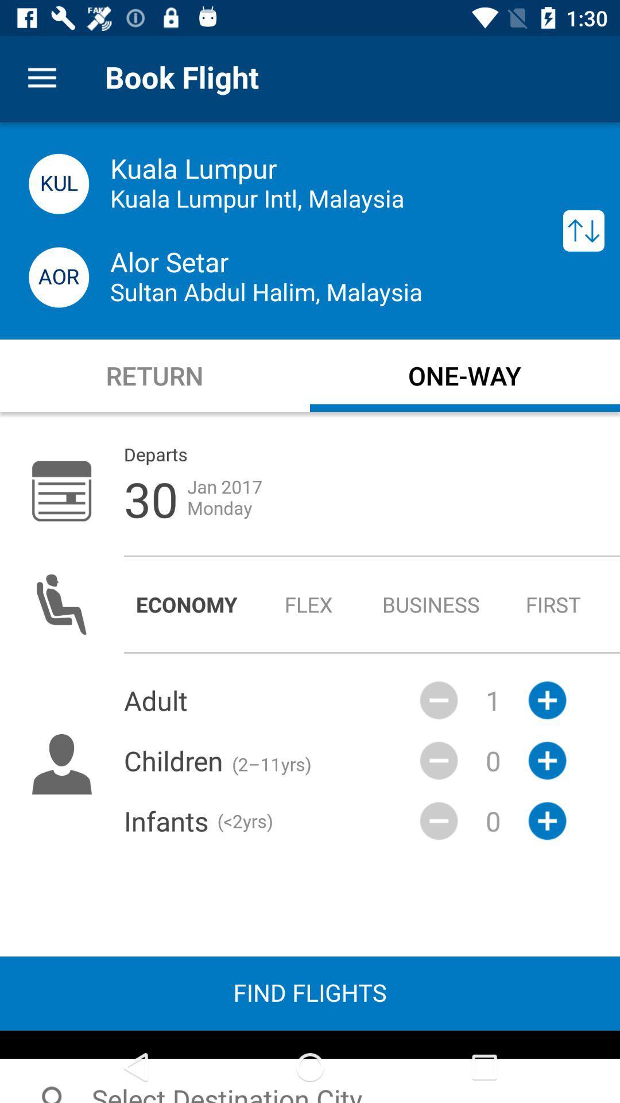  Describe the element at coordinates (431, 604) in the screenshot. I see `radio button next to first icon` at that location.